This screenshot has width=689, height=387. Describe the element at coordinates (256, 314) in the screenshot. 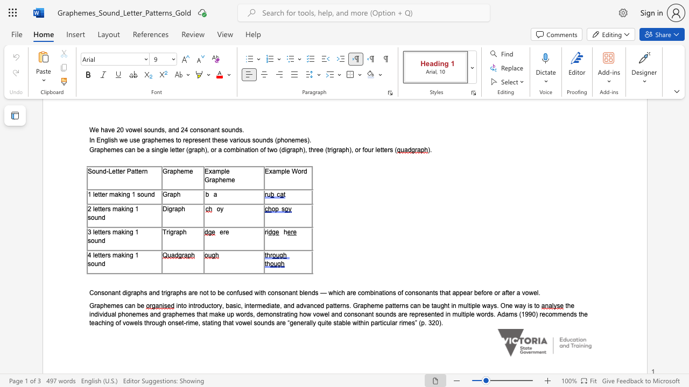

I see `the subset text "demonst" within the text "demonstrating"` at that location.